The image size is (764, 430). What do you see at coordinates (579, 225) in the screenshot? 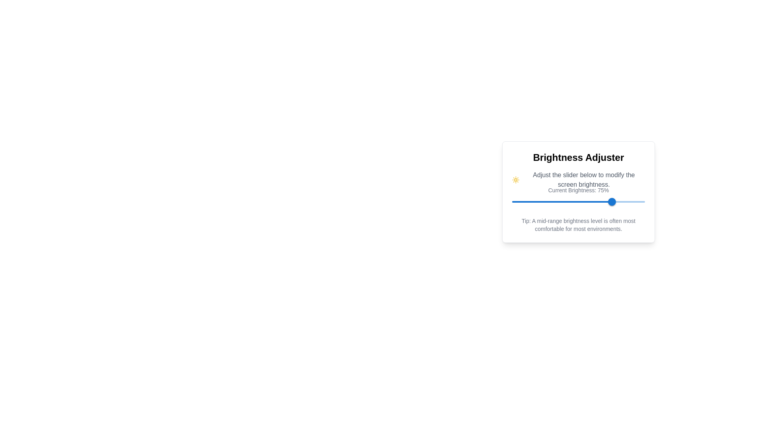
I see `text in the prominently styled text block that provides advice on brightness levels, located at the bottom of the 'Brightness Adjuster' card component` at bounding box center [579, 225].